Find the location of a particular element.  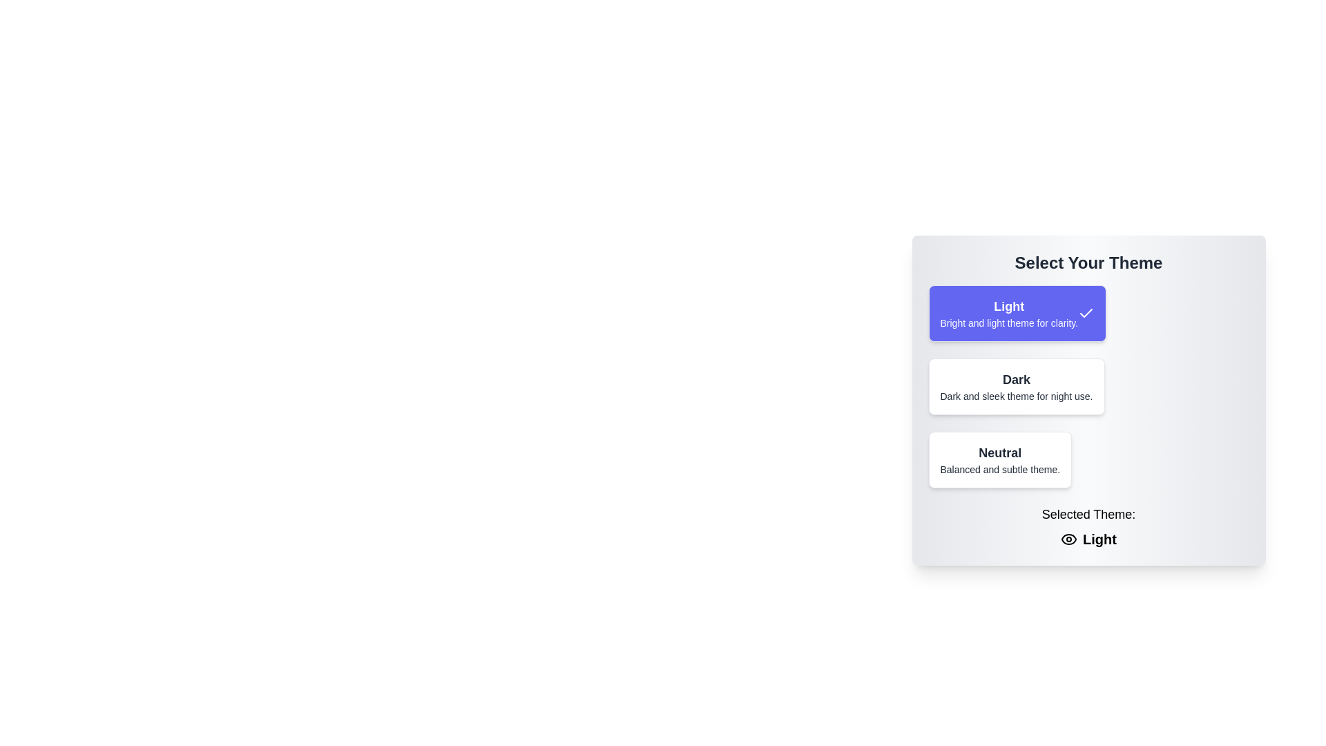

on the second selectable theme option titled 'Dark' in the 'Select Your Theme' box is located at coordinates (1088, 386).